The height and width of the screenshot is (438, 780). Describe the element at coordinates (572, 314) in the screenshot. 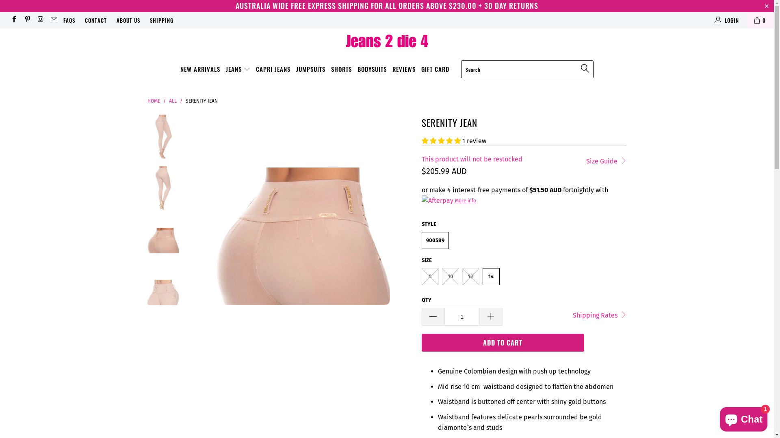

I see `'Shipping Rates'` at that location.